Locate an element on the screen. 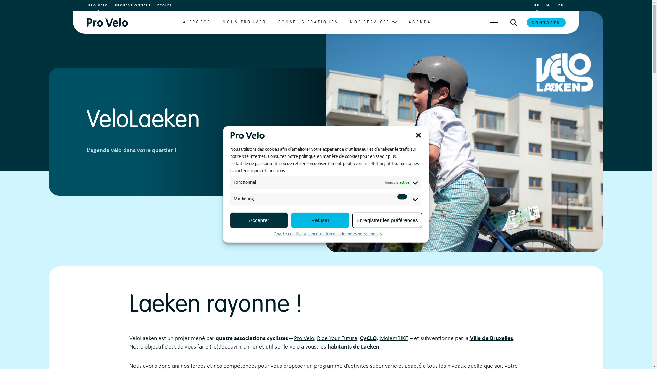  'MolemBIKE' is located at coordinates (394, 338).